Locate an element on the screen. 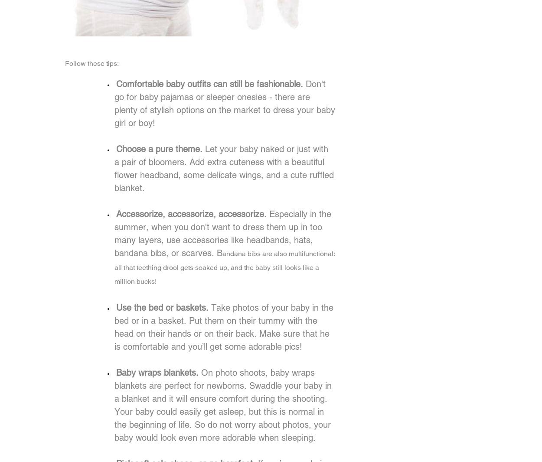 This screenshot has height=462, width=542. 'Use the bed or baskets.' is located at coordinates (162, 307).